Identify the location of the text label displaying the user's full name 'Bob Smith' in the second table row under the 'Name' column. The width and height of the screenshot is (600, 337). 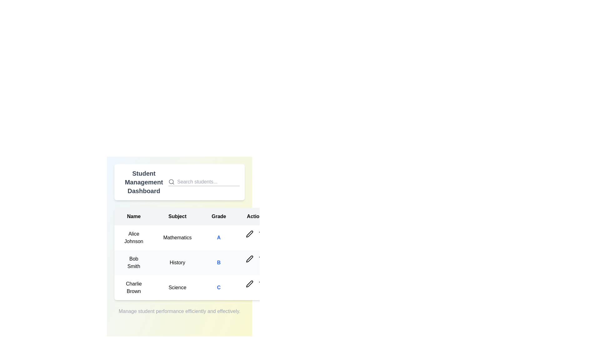
(133, 262).